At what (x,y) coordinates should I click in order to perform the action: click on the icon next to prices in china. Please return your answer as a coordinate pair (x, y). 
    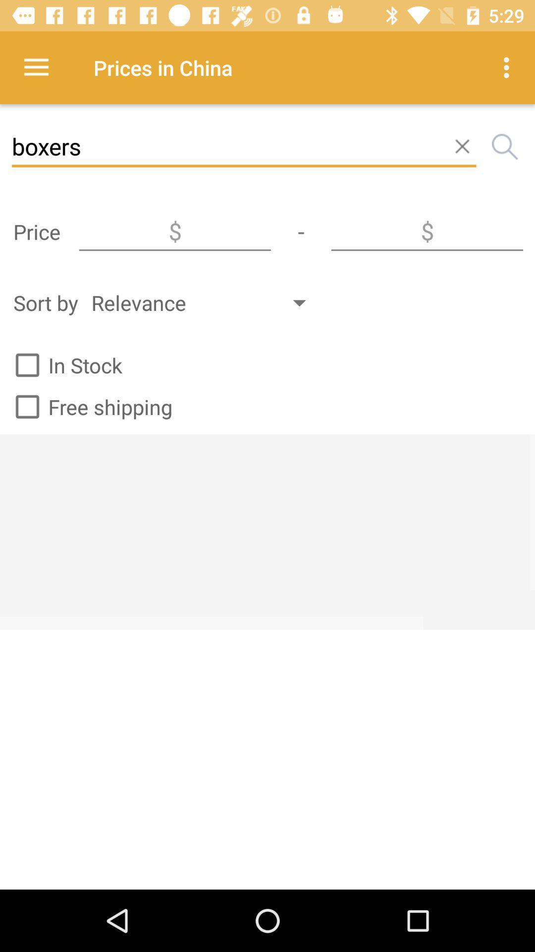
    Looking at the image, I should click on (36, 67).